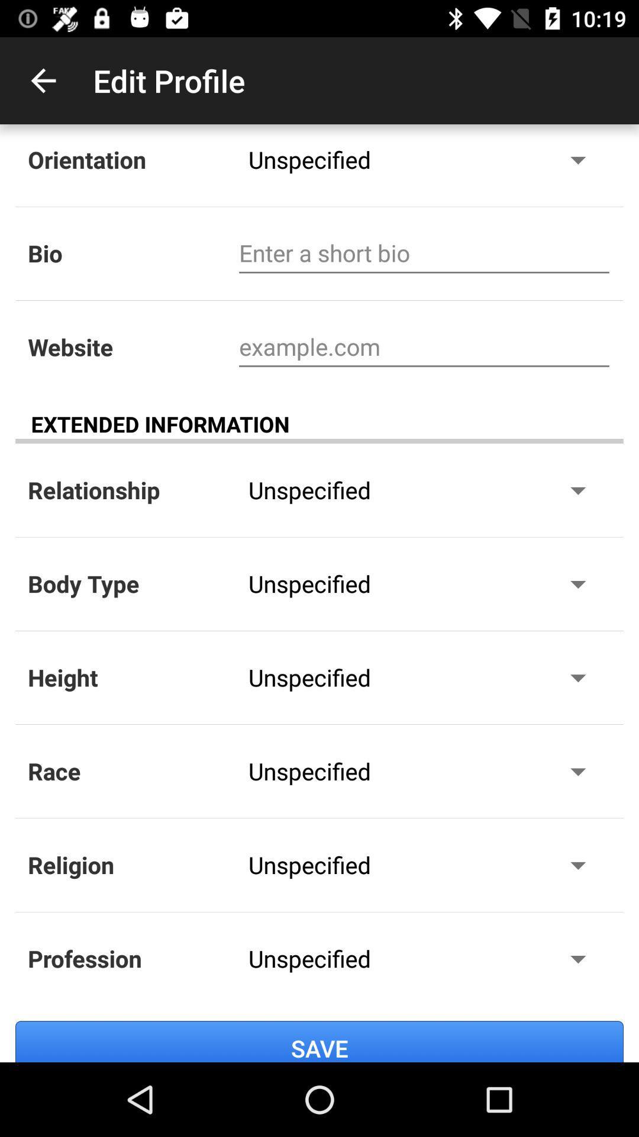 The height and width of the screenshot is (1137, 639). Describe the element at coordinates (424, 253) in the screenshot. I see `type a bio` at that location.